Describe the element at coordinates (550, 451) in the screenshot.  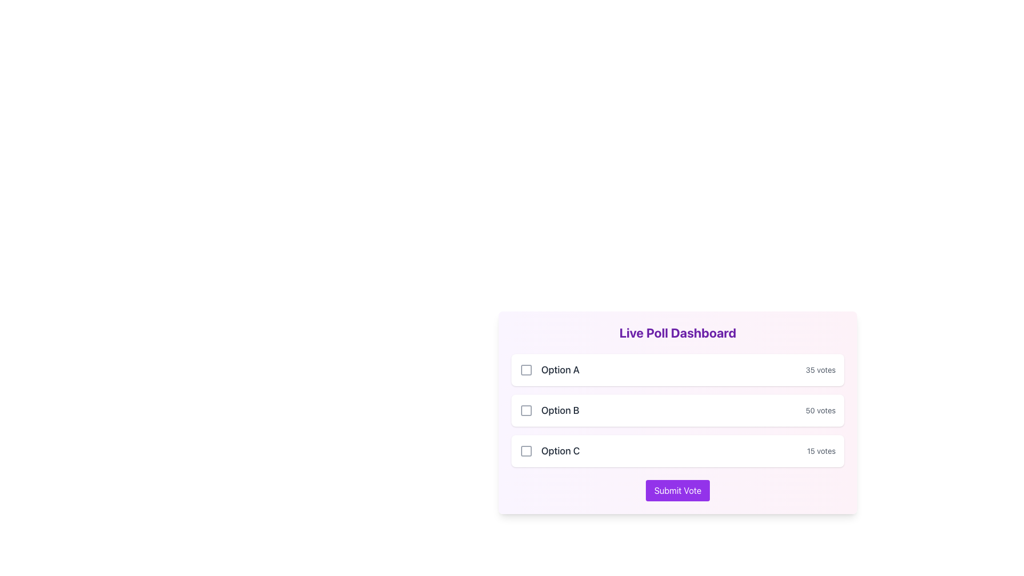
I see `the label text for the Checkbox indicating 'Option C' in the Live Poll Dashboard section` at that location.